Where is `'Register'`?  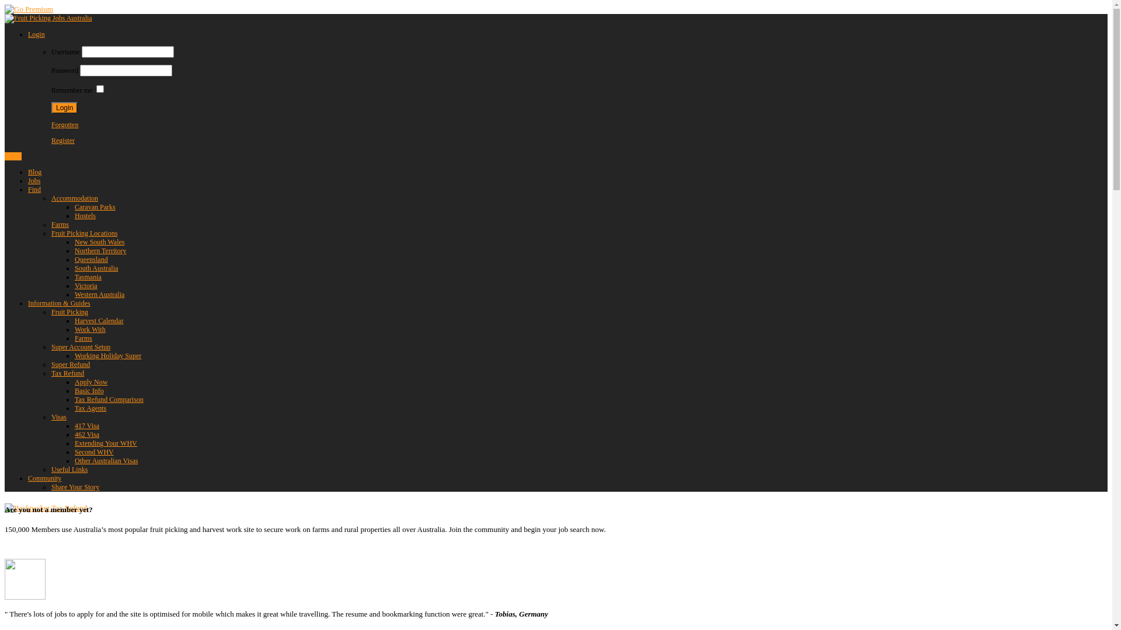 'Register' is located at coordinates (62, 139).